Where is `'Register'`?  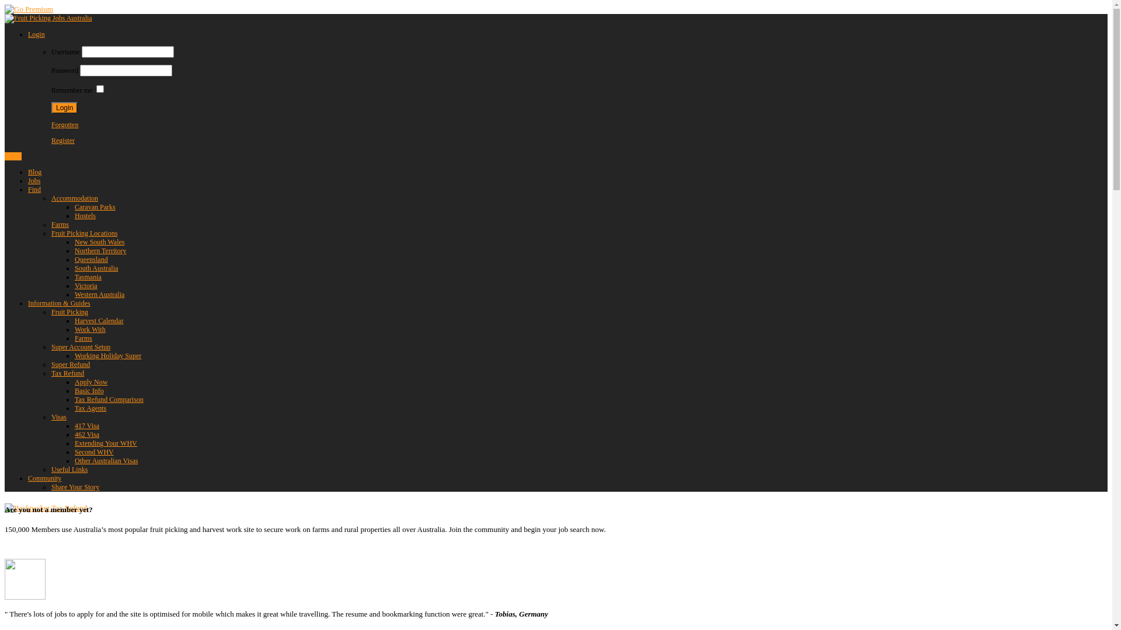 'Register' is located at coordinates (62, 139).